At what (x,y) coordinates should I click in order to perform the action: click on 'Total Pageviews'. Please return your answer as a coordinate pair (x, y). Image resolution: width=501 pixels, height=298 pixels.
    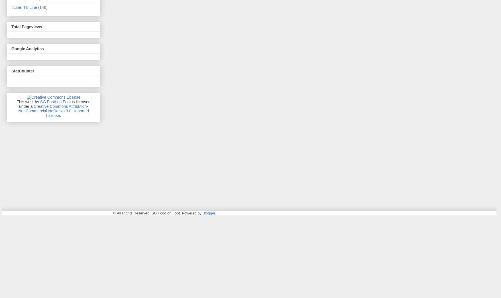
    Looking at the image, I should click on (27, 27).